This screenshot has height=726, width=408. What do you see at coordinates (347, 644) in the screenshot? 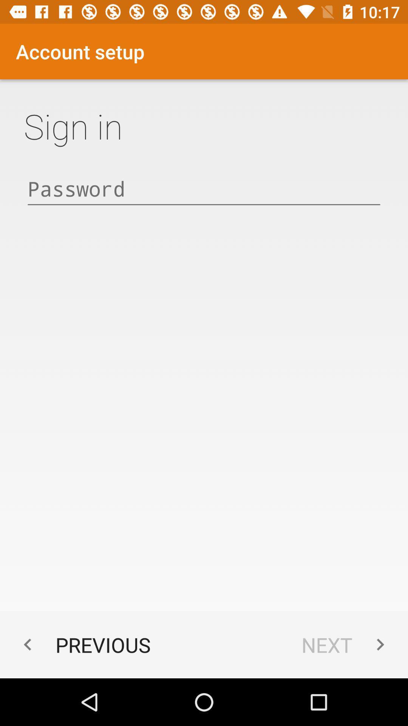
I see `the app next to the previous app` at bounding box center [347, 644].